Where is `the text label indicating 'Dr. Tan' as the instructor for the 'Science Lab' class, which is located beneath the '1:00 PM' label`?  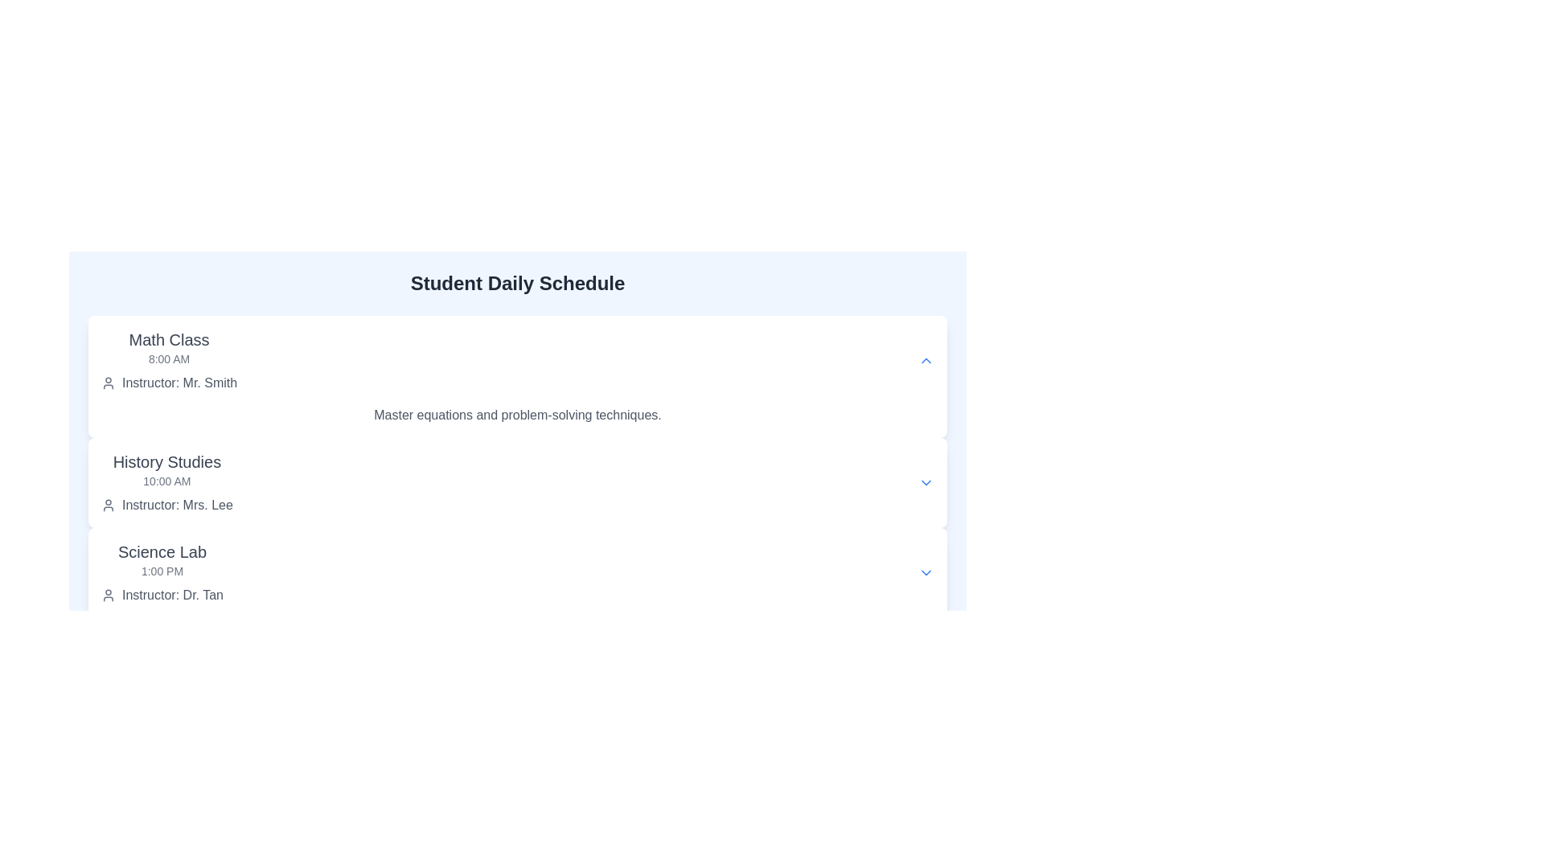 the text label indicating 'Dr. Tan' as the instructor for the 'Science Lab' class, which is located beneath the '1:00 PM' label is located at coordinates (162, 595).